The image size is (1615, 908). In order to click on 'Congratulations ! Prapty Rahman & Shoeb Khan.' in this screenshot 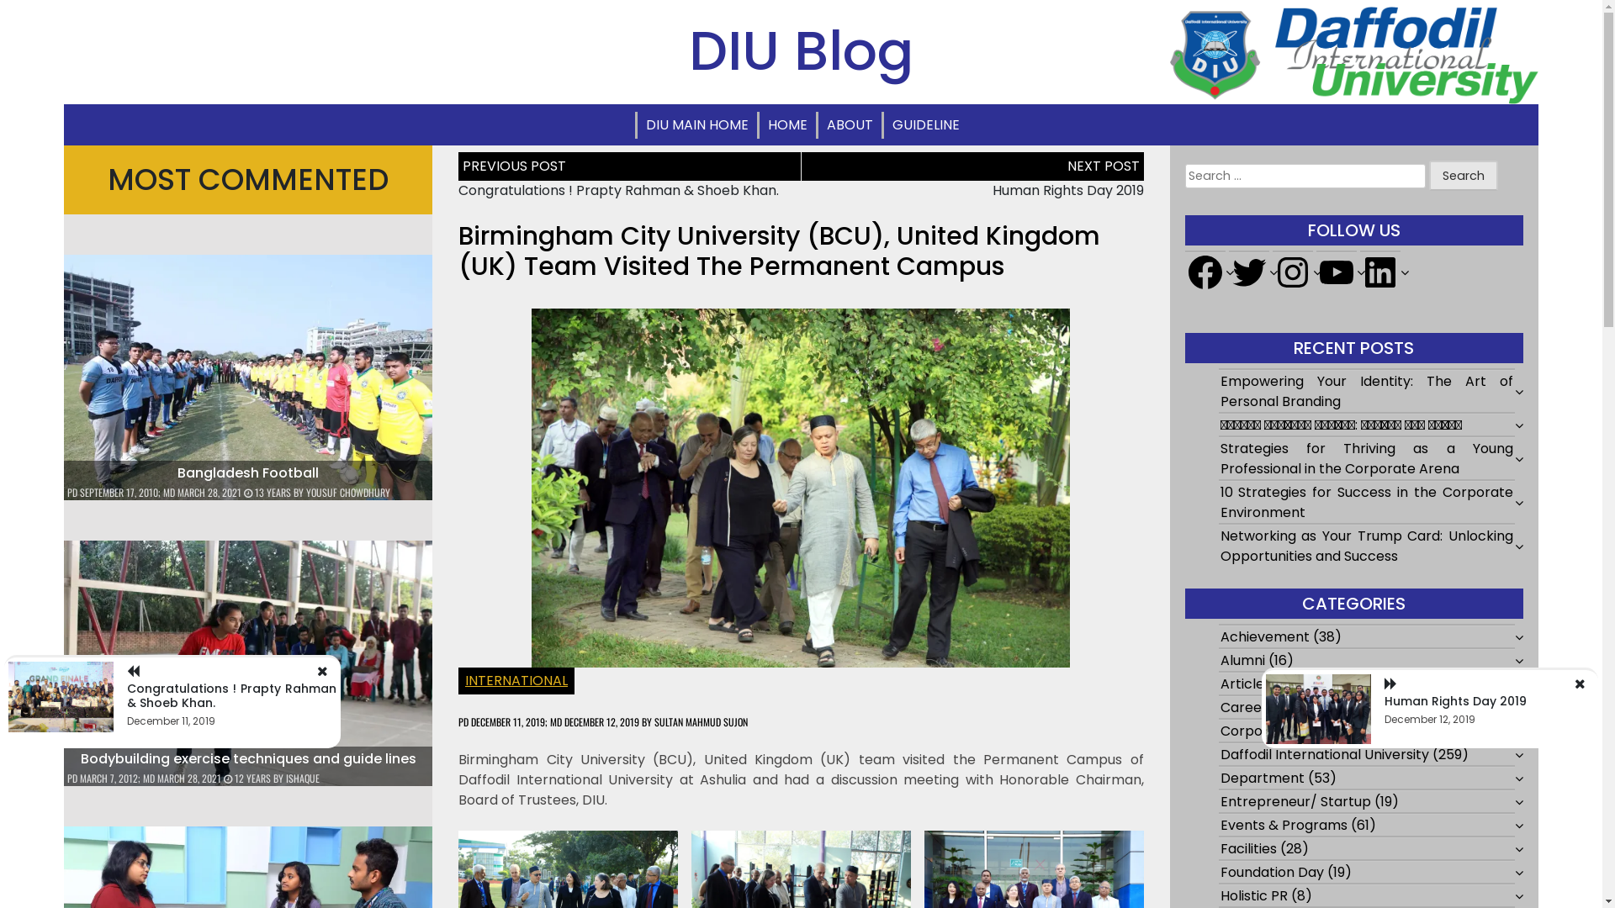, I will do `click(125, 695)`.